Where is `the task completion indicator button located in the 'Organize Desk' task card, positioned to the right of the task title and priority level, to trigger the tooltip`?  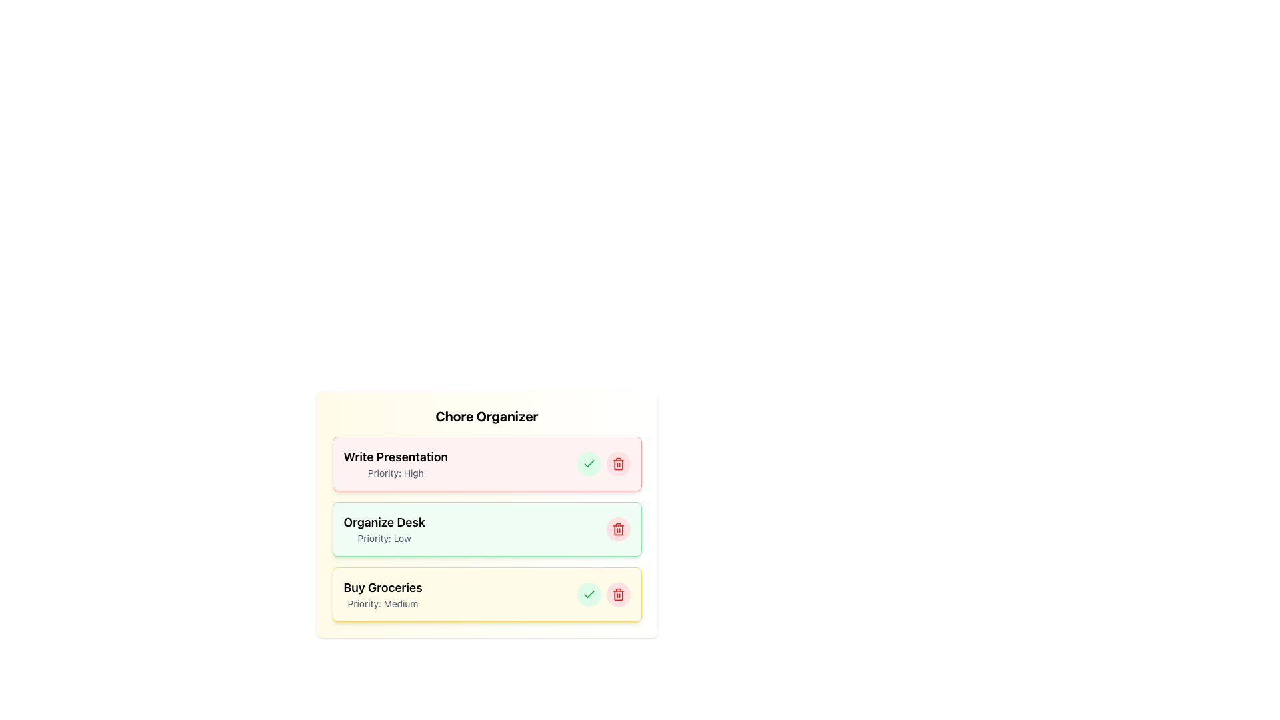
the task completion indicator button located in the 'Organize Desk' task card, positioned to the right of the task title and priority level, to trigger the tooltip is located at coordinates (588, 593).